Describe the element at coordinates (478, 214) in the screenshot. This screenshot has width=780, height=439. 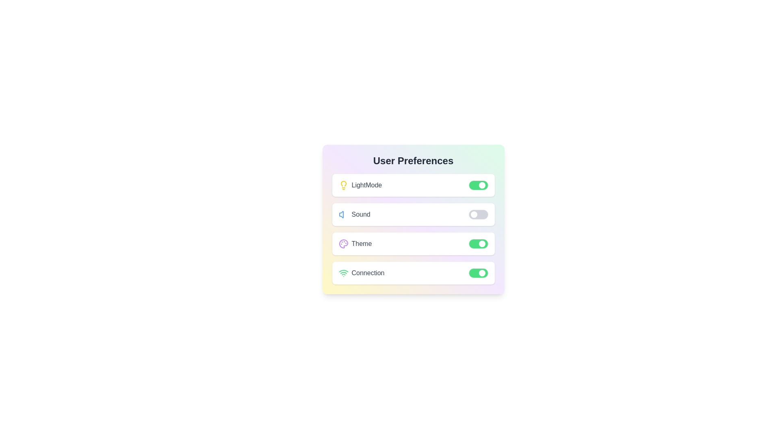
I see `the handle of the toggle switch for sound settings` at that location.